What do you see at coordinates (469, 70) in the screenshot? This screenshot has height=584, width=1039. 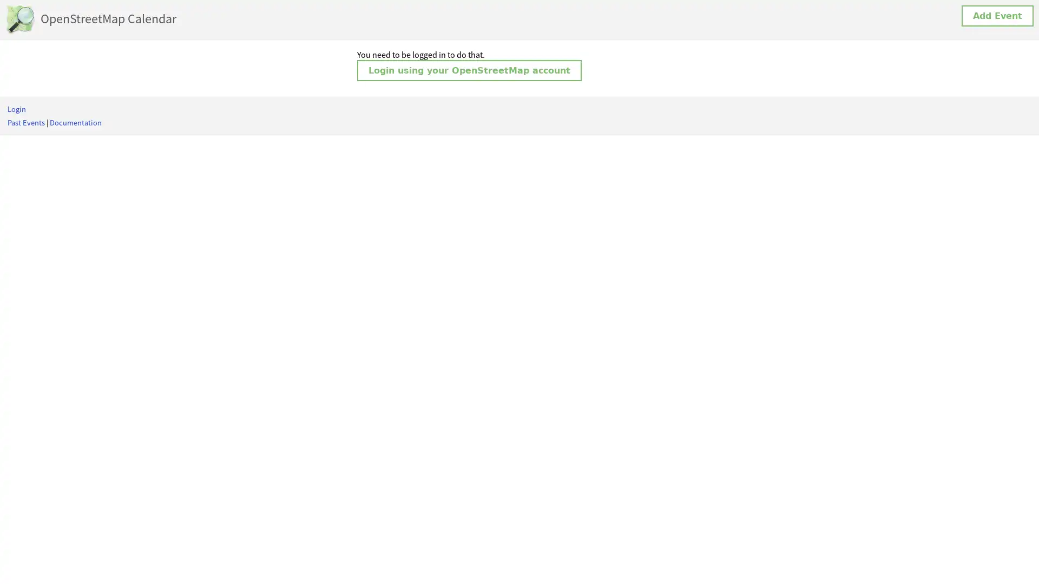 I see `Login using your OpenStreetMap account` at bounding box center [469, 70].